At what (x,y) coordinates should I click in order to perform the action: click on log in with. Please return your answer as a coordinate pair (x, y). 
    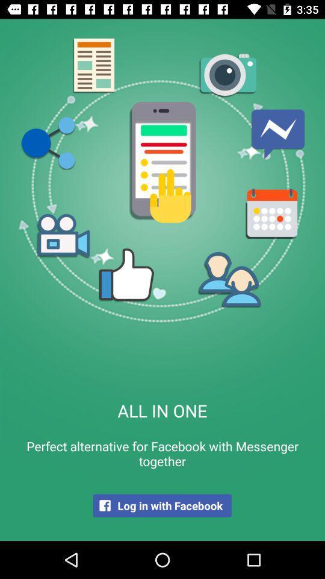
    Looking at the image, I should click on (162, 505).